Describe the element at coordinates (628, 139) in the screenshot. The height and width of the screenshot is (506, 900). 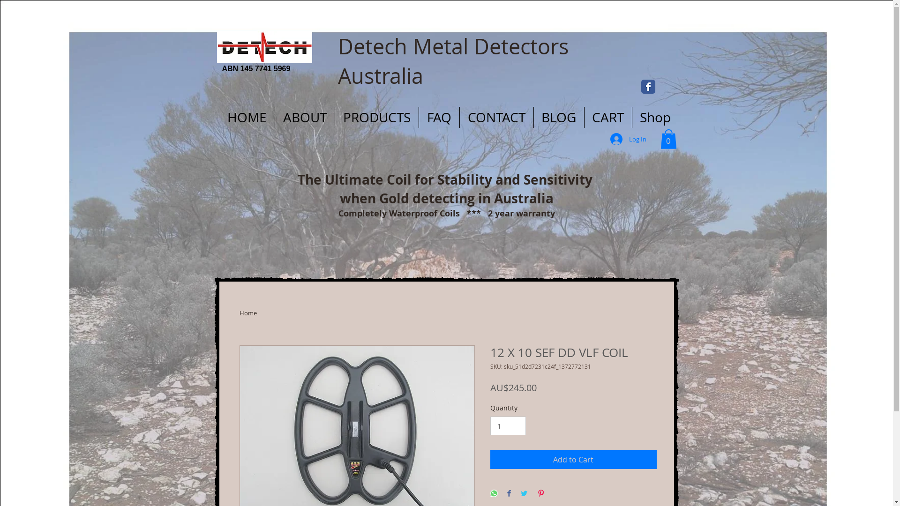
I see `'Log In'` at that location.